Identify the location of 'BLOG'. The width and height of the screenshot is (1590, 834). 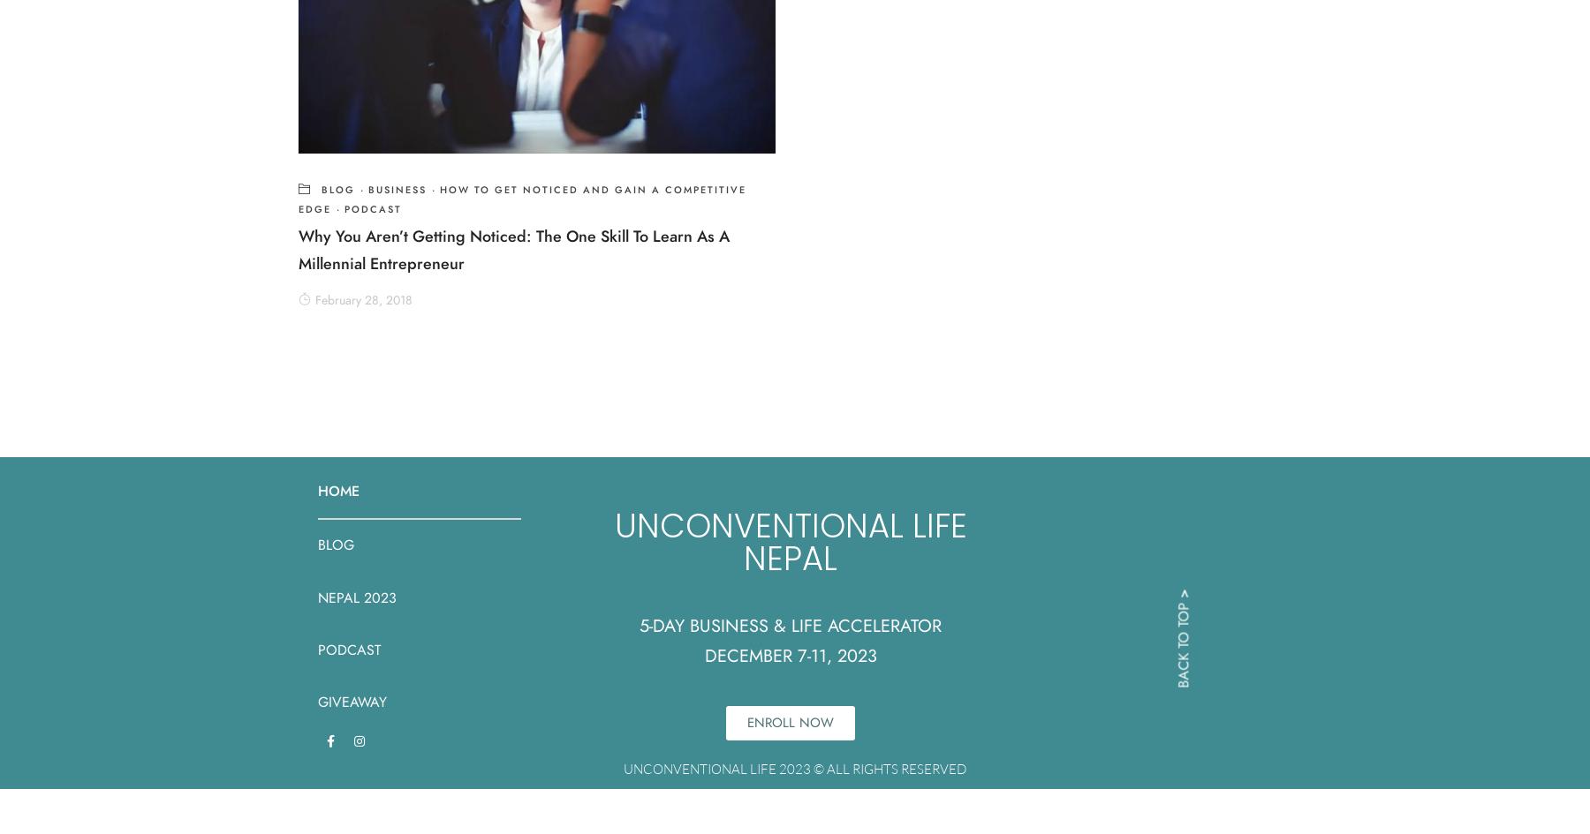
(336, 545).